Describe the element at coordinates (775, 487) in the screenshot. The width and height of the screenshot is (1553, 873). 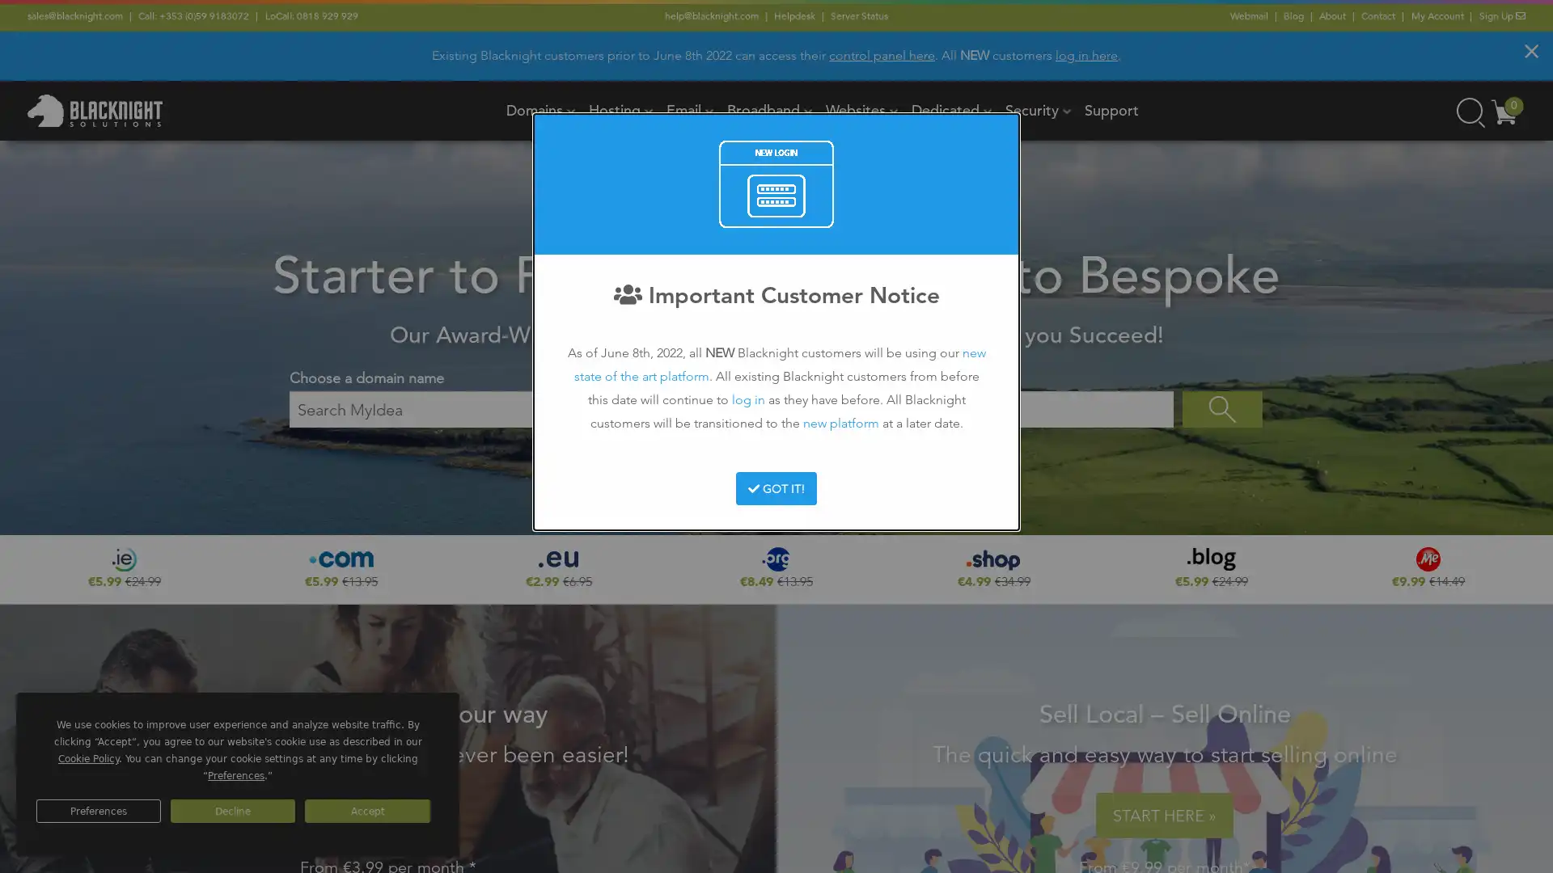
I see `Got it!` at that location.